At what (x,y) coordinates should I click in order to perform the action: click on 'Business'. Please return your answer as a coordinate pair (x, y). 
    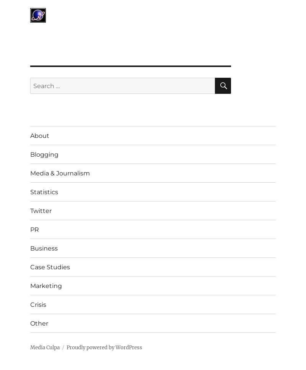
    Looking at the image, I should click on (43, 247).